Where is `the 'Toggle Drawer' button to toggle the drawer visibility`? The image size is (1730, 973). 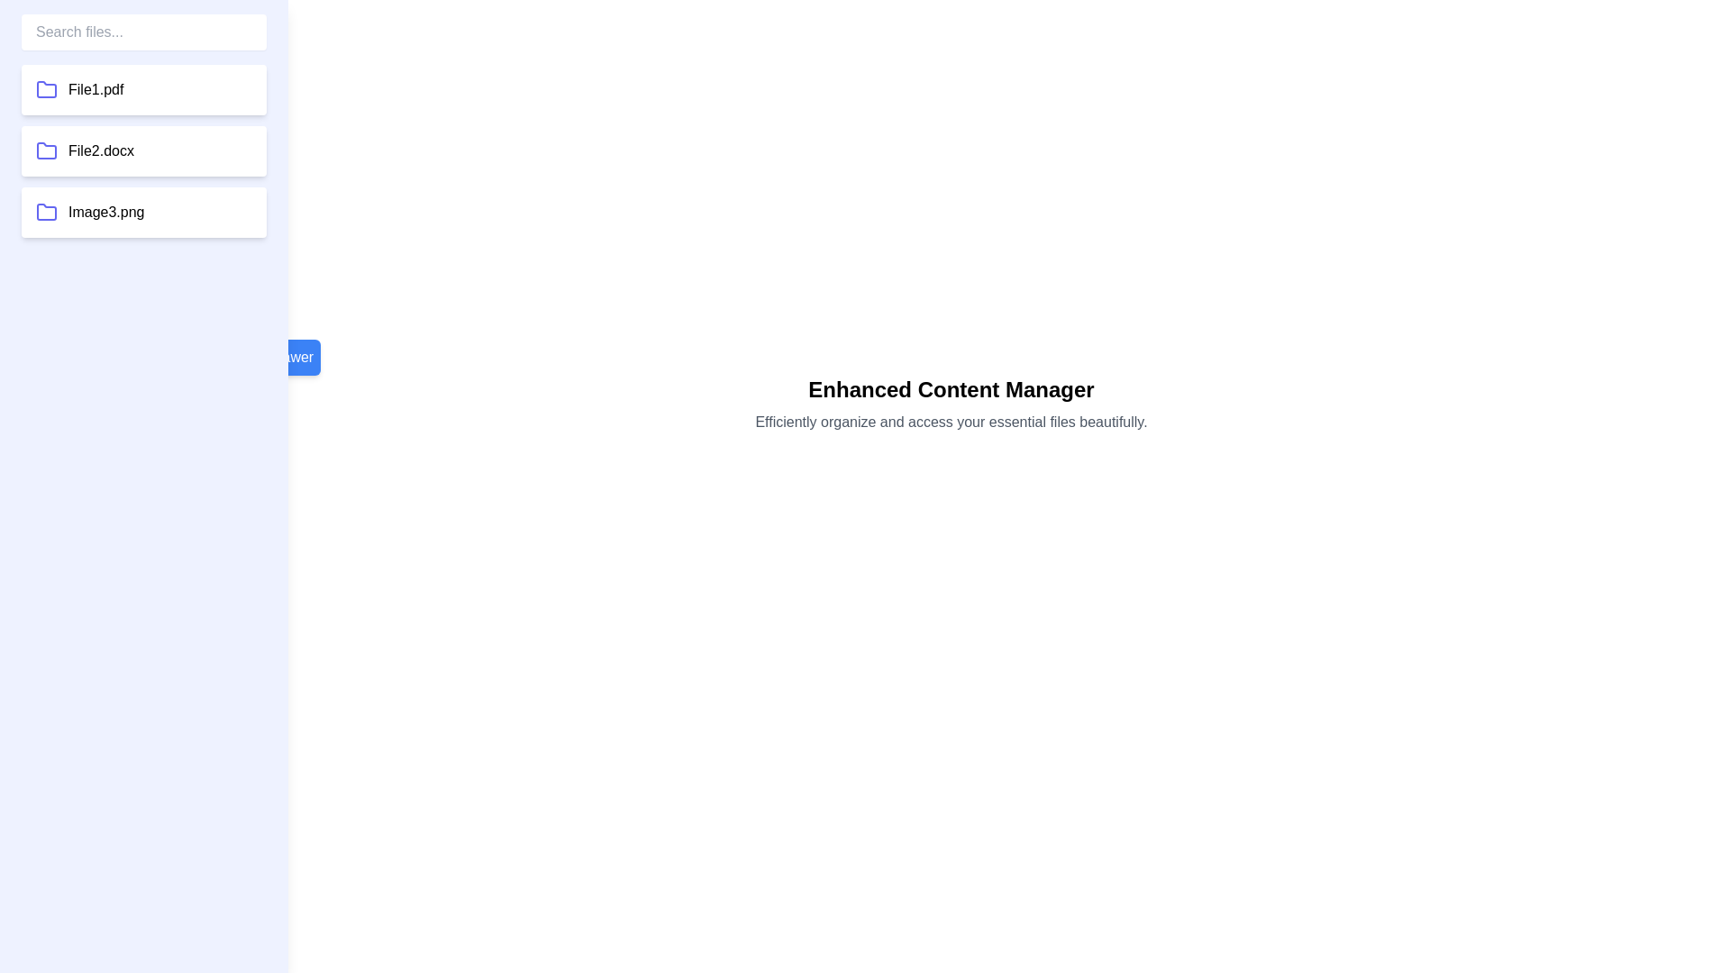 the 'Toggle Drawer' button to toggle the drawer visibility is located at coordinates (266, 358).